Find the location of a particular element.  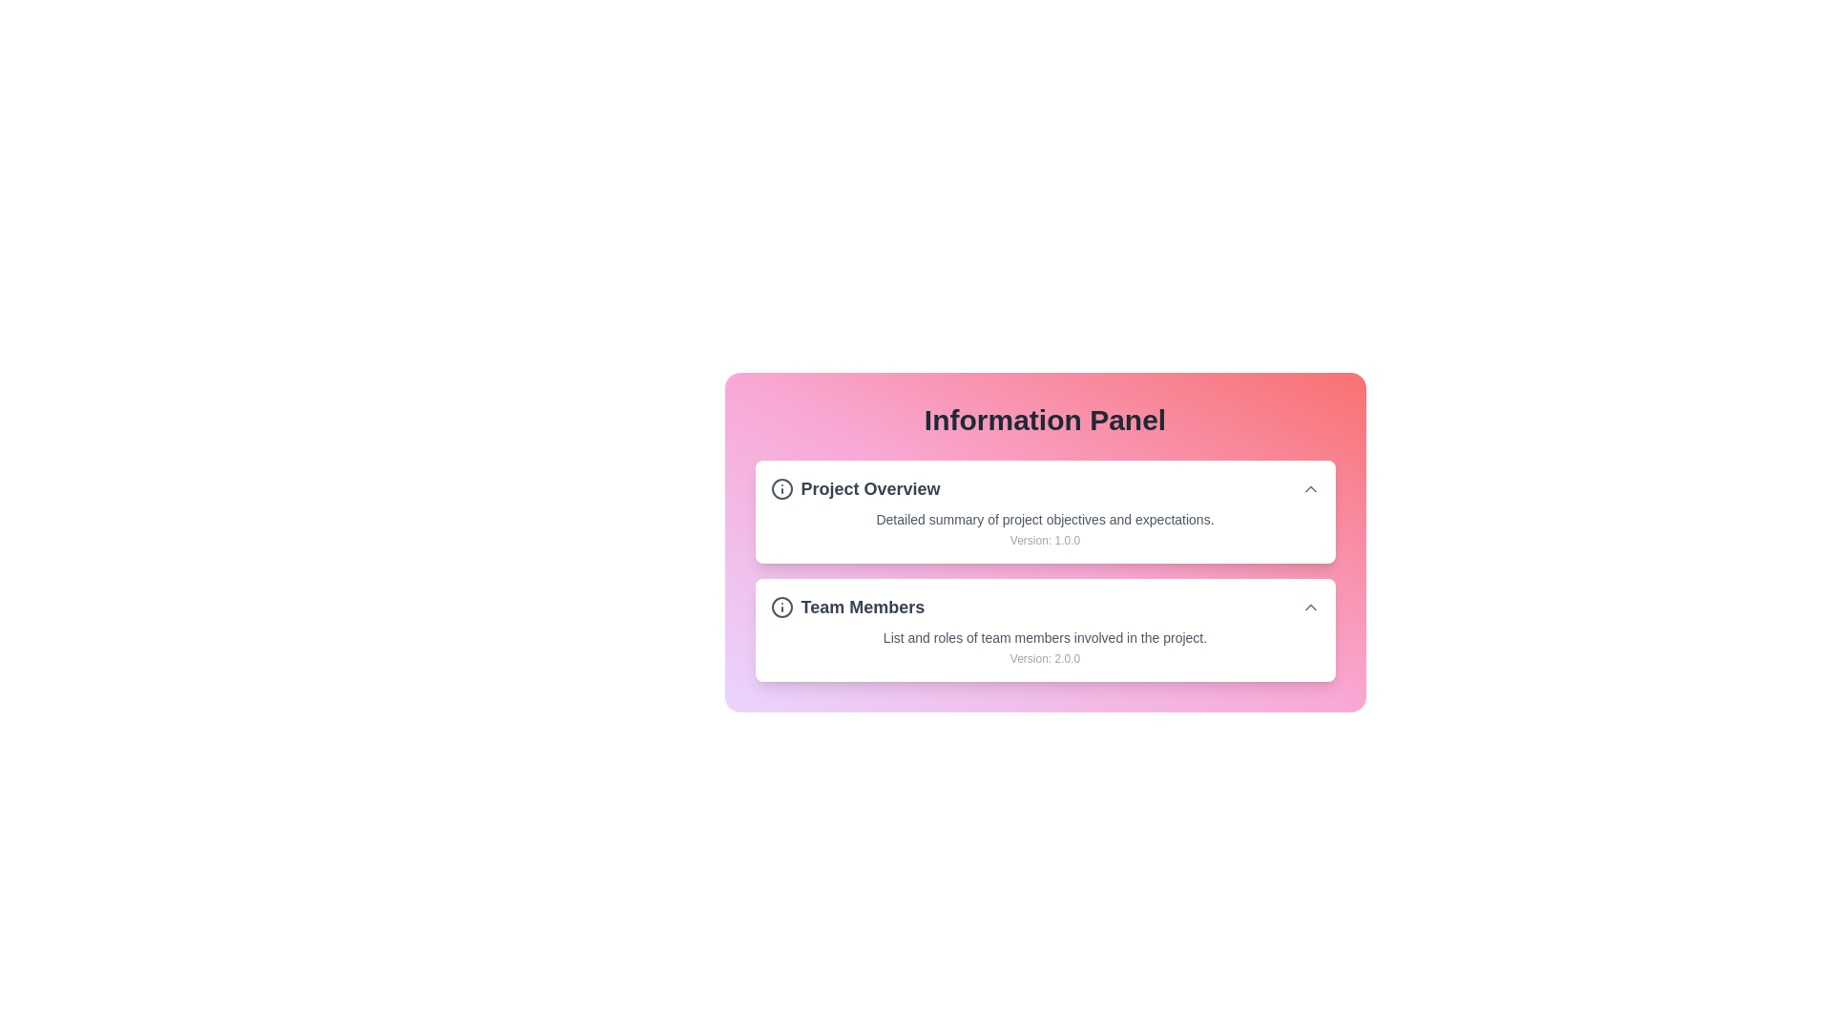

the circular information icon with a blue outline and a white background, located to the left of the 'Team Members' section header is located at coordinates (781, 607).